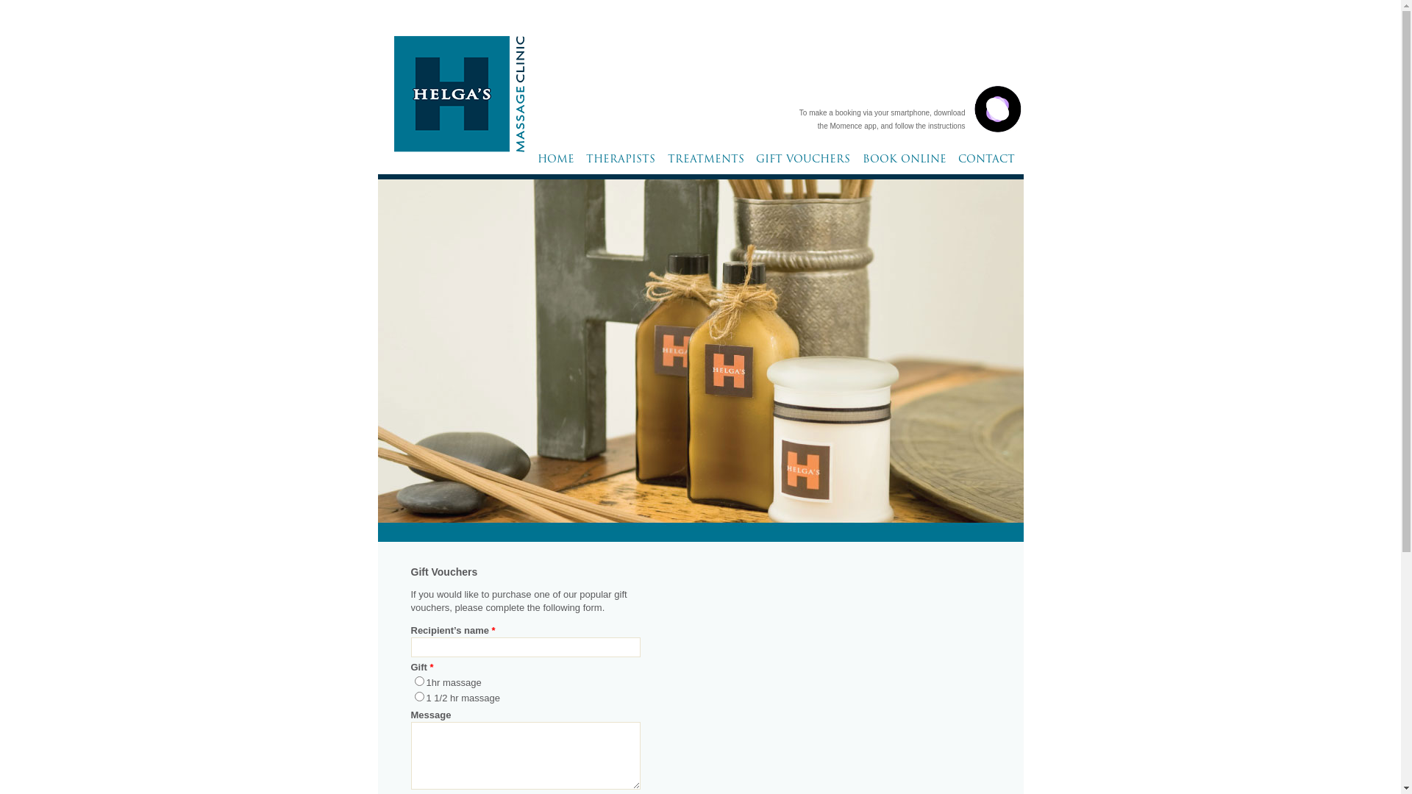 The height and width of the screenshot is (794, 1412). Describe the element at coordinates (858, 163) in the screenshot. I see `'BOOK ONLINE'` at that location.